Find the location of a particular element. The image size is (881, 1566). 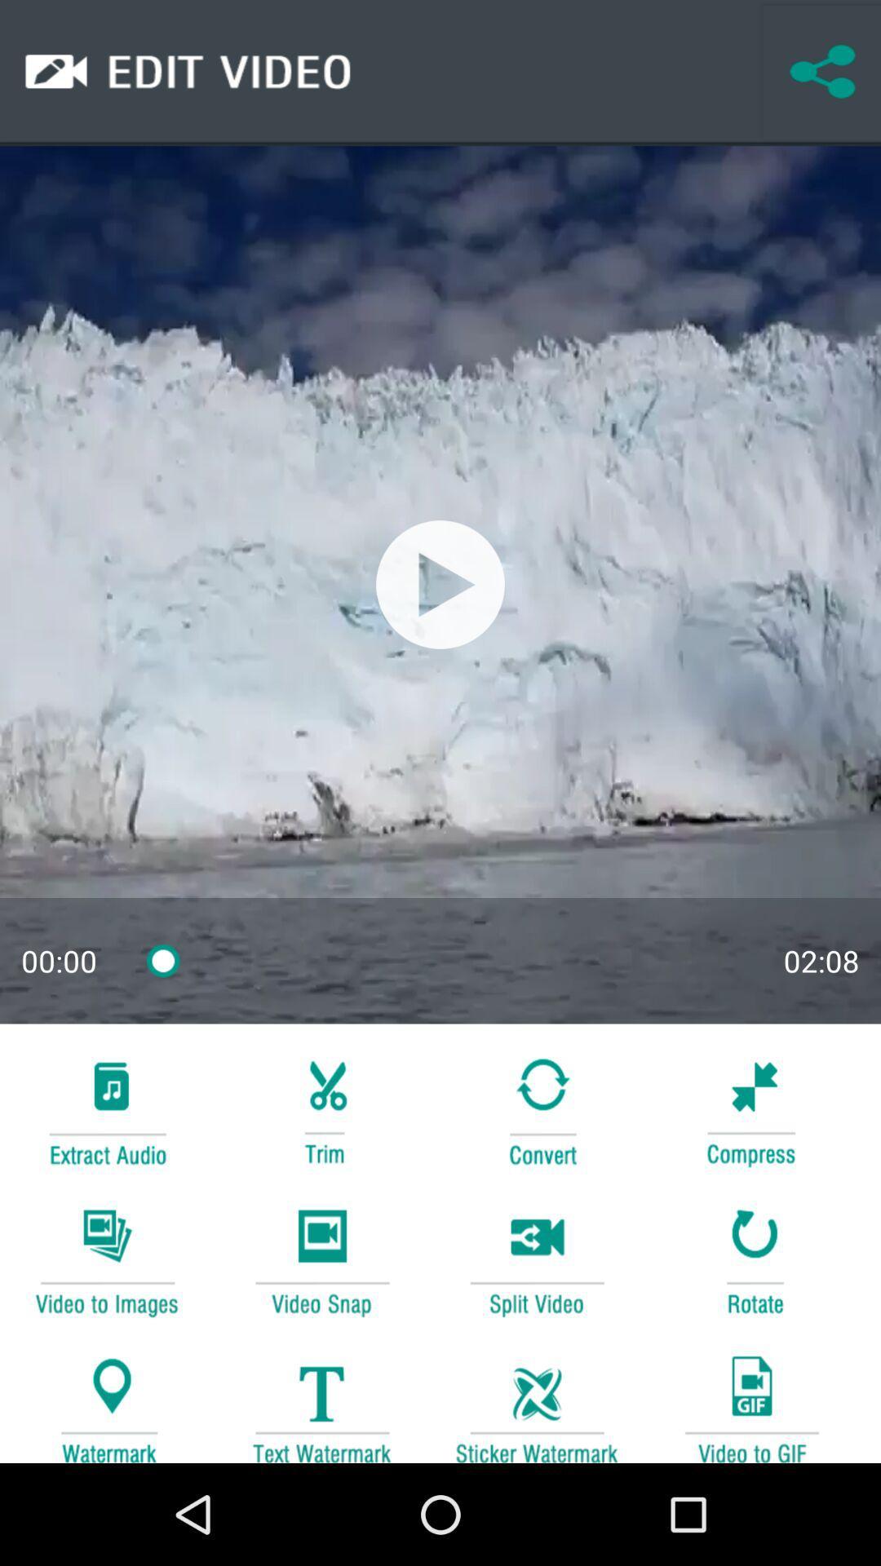

share is located at coordinates (821, 72).